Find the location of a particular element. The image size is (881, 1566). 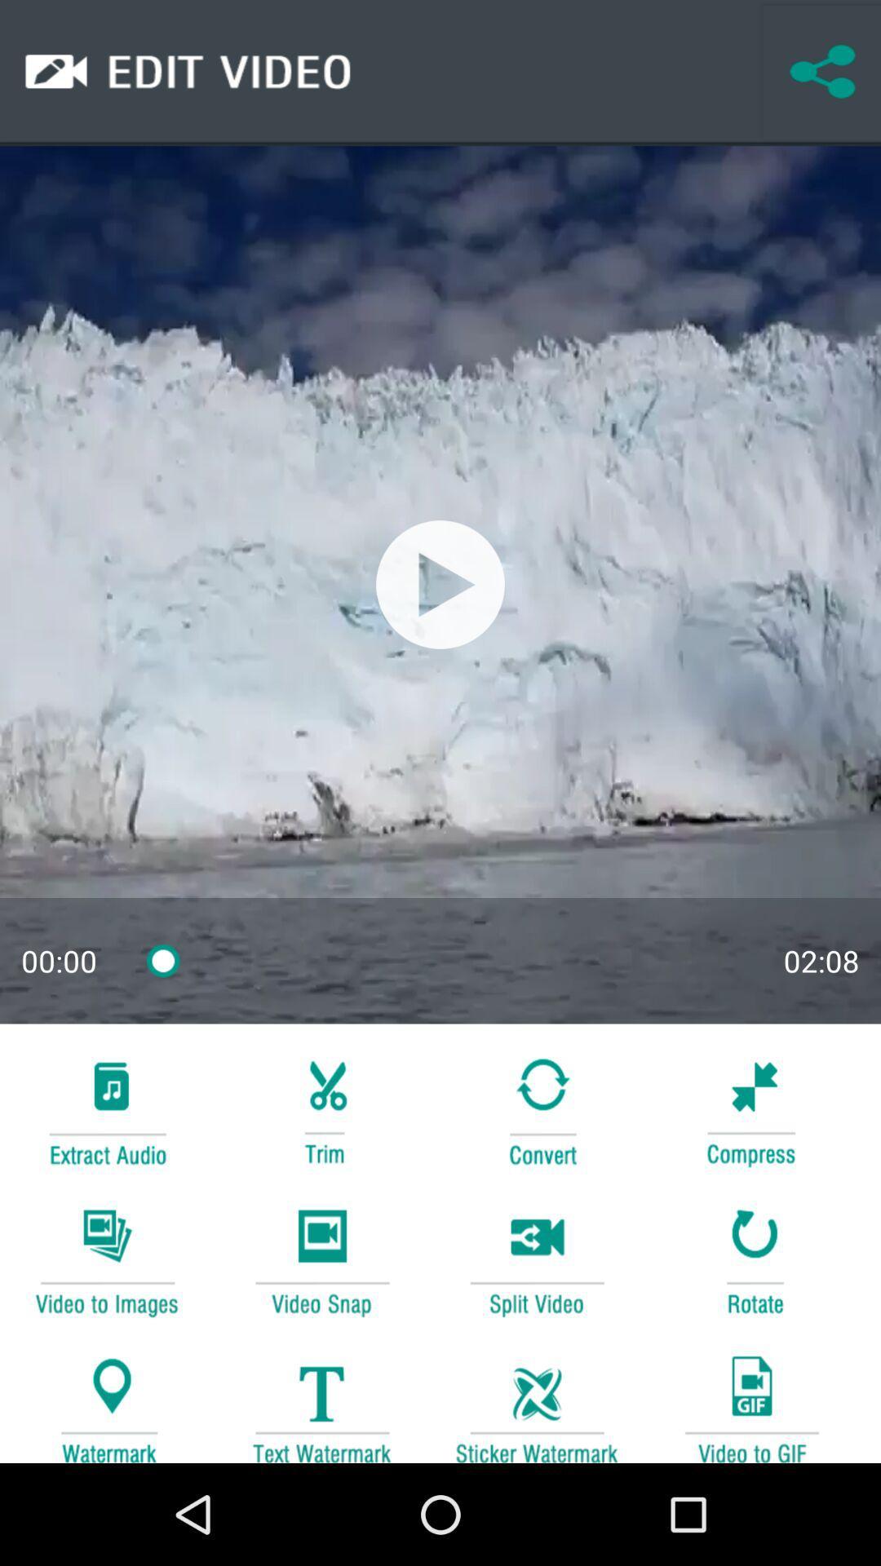

share is located at coordinates (821, 72).